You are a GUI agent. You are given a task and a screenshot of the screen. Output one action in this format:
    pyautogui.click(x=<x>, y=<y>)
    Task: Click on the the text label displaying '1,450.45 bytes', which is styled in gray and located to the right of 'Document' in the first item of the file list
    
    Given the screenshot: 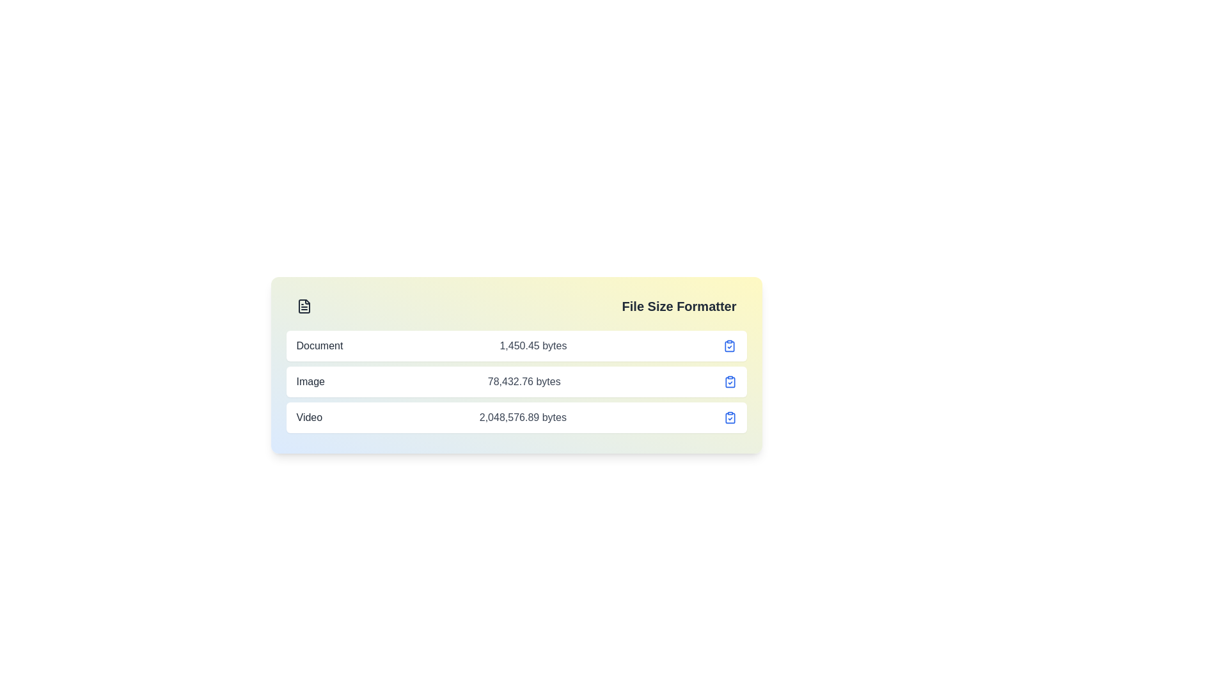 What is the action you would take?
    pyautogui.click(x=533, y=345)
    